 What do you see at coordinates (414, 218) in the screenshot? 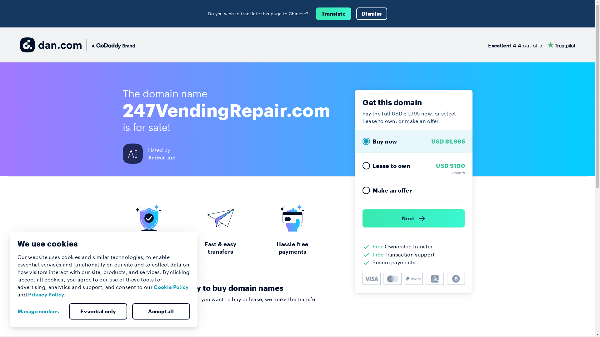
I see `'Next` at bounding box center [414, 218].